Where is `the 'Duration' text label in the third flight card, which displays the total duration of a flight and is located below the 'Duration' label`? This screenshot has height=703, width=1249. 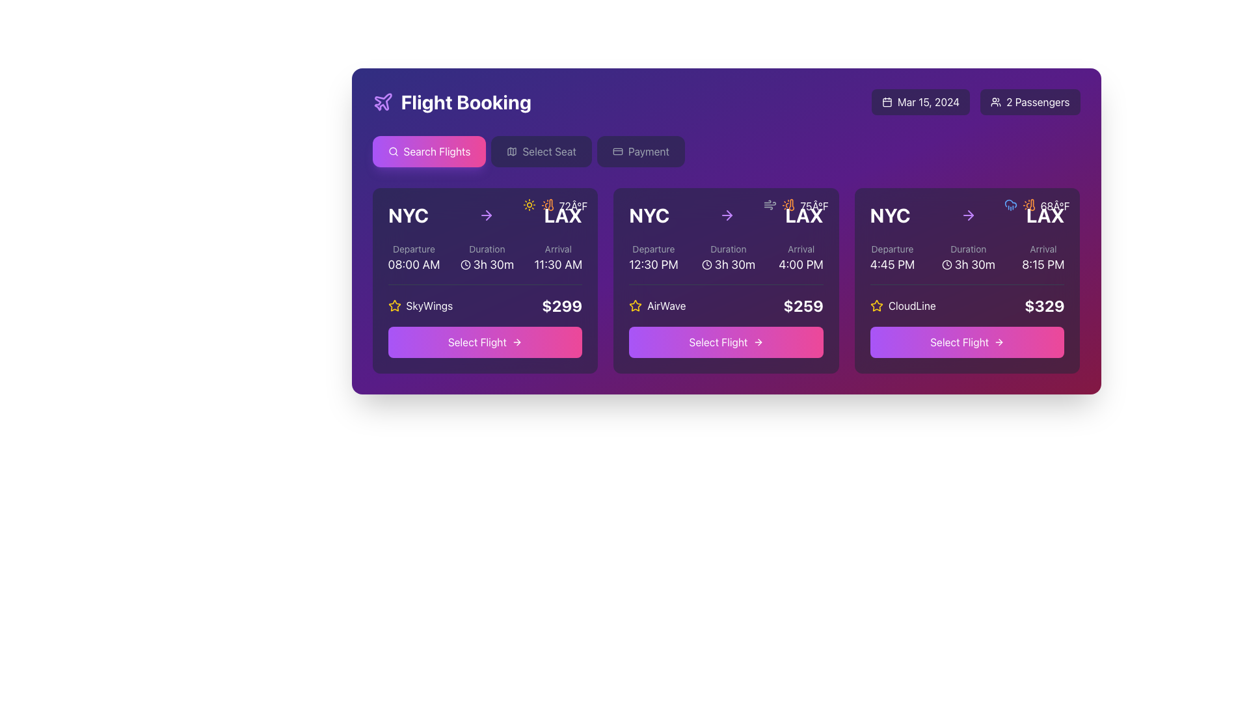
the 'Duration' text label in the third flight card, which displays the total duration of a flight and is located below the 'Duration' label is located at coordinates (968, 264).